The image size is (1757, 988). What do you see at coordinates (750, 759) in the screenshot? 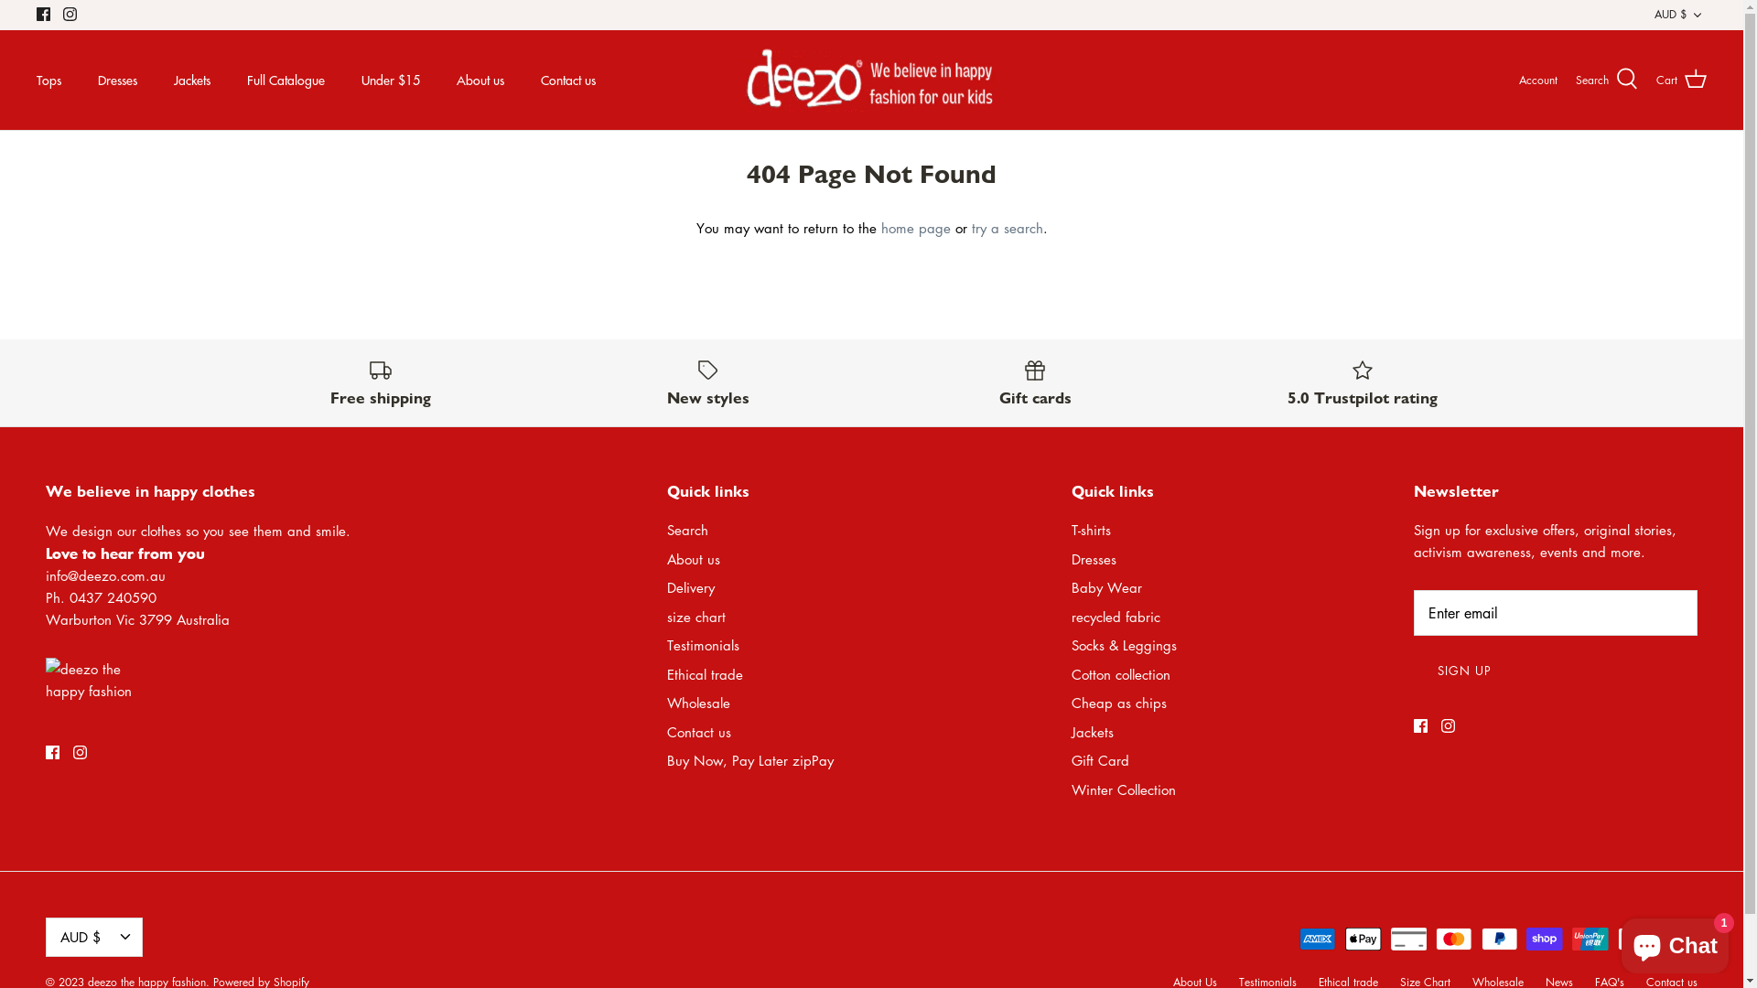
I see `'Buy Now, Pay Later zipPay'` at bounding box center [750, 759].